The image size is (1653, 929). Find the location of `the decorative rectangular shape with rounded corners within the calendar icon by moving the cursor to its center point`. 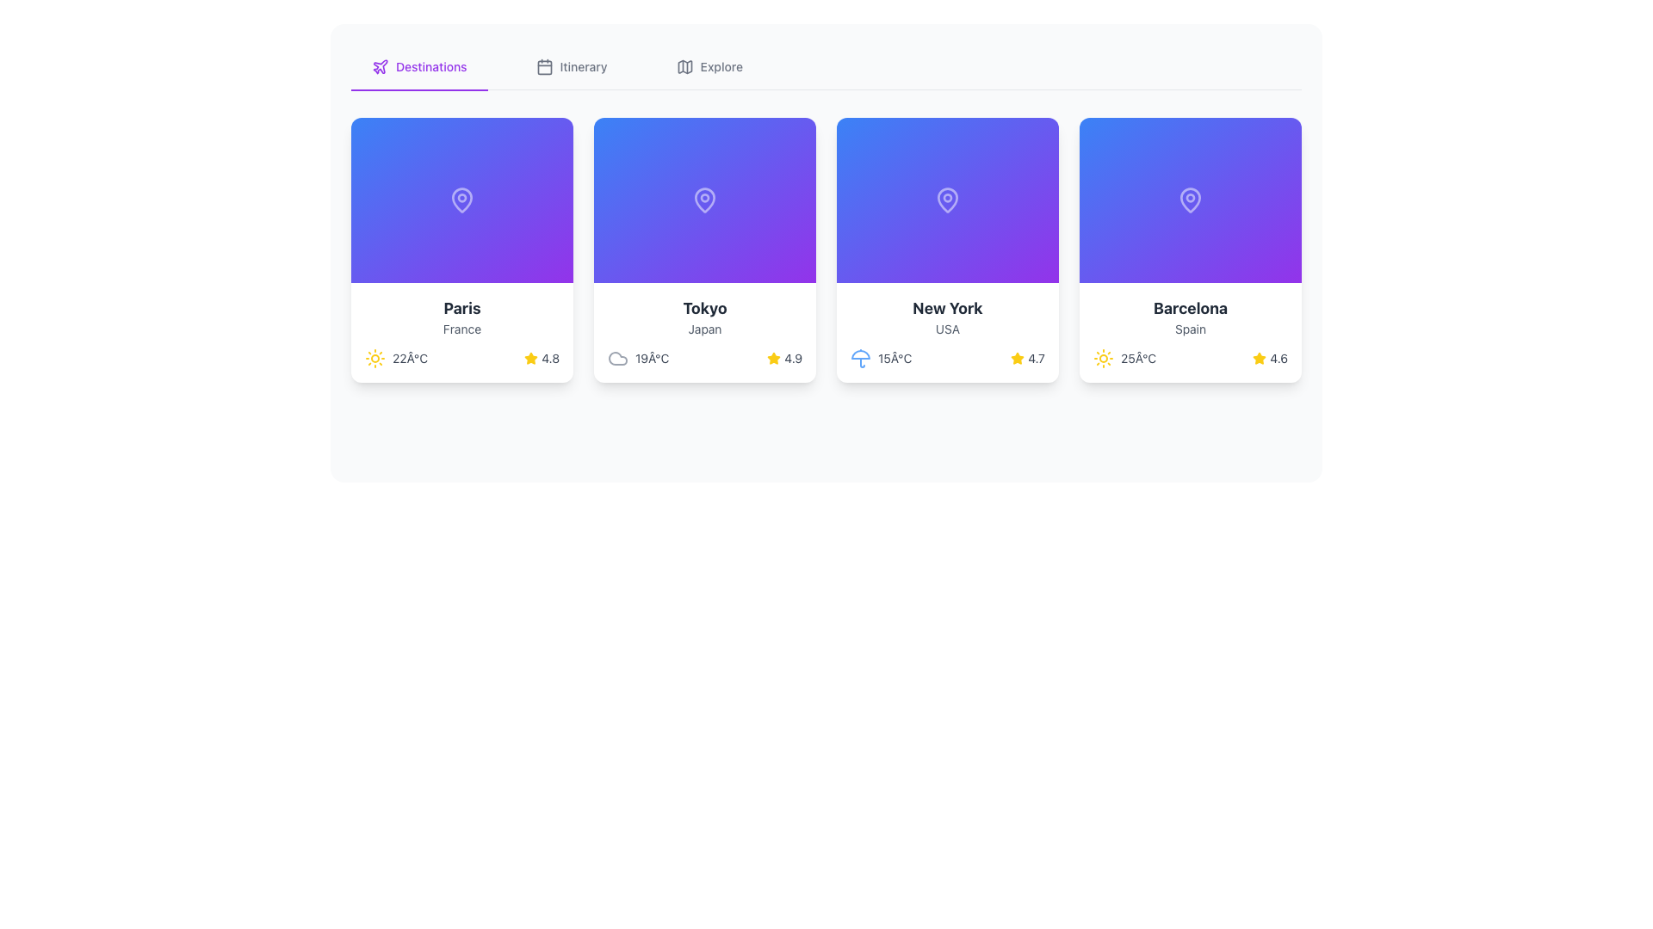

the decorative rectangular shape with rounded corners within the calendar icon by moving the cursor to its center point is located at coordinates (543, 66).